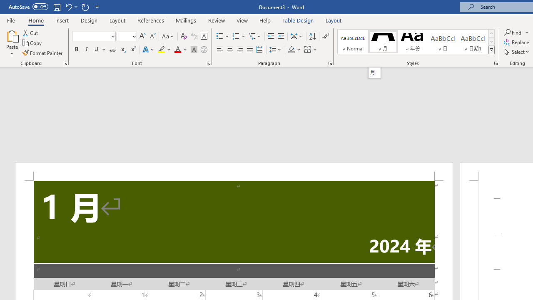 The image size is (533, 300). I want to click on 'Text Highlight Color Yellow', so click(162, 50).